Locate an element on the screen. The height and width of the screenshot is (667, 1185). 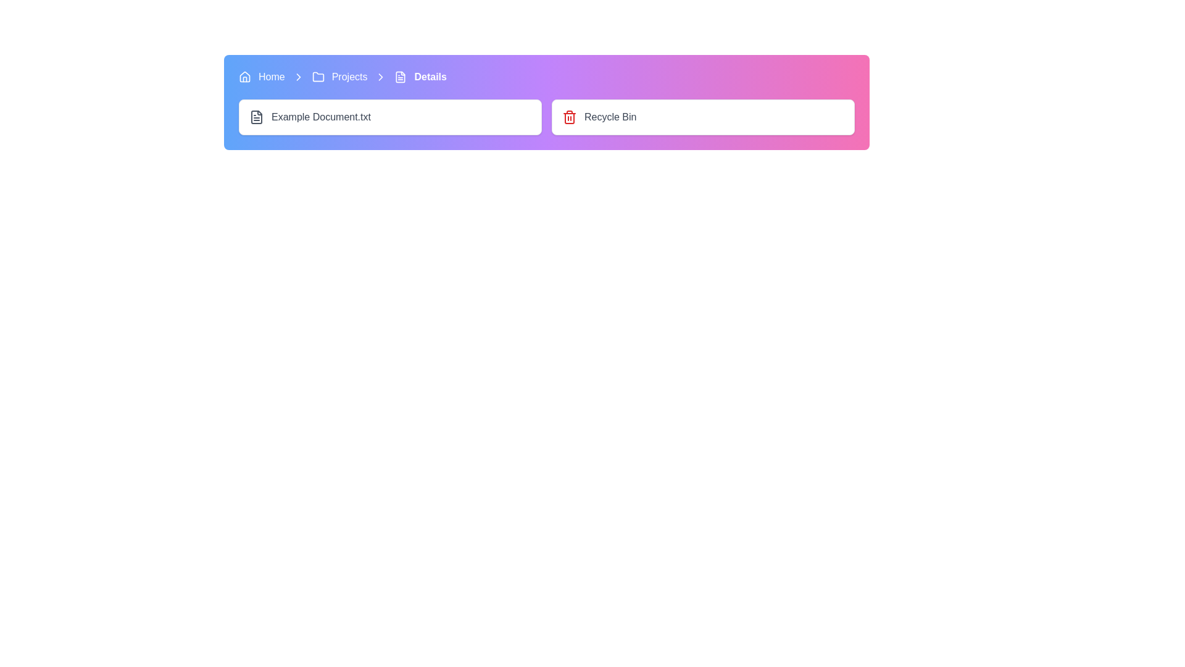
the Folder icon located in the breadcrumb navigation, which is a white graphical icon resembling a folder, positioned third between the house icon and the label 'Projects' is located at coordinates (318, 77).